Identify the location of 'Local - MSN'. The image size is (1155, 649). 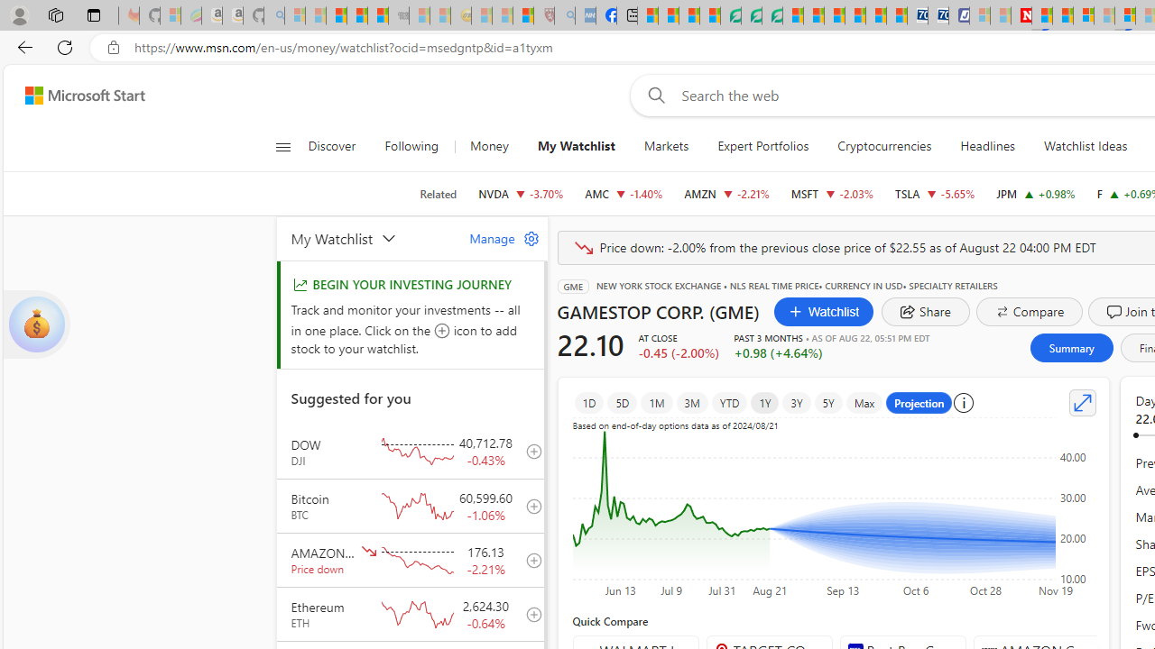
(522, 15).